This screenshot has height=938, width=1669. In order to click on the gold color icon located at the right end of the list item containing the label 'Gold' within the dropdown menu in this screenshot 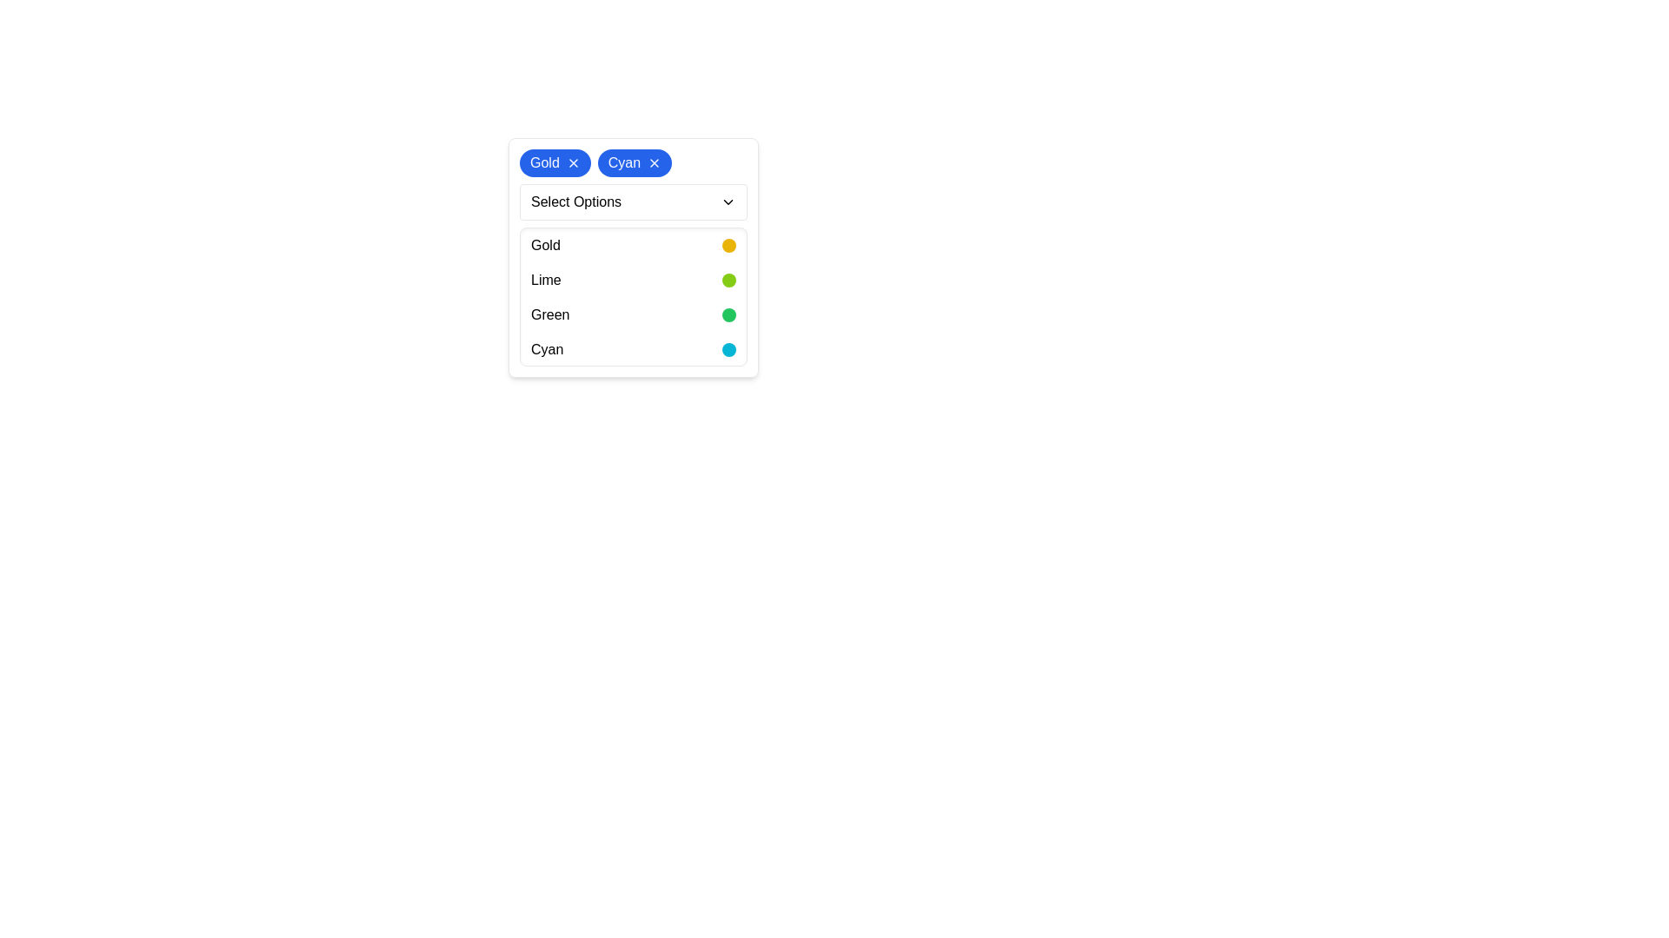, I will do `click(729, 245)`.